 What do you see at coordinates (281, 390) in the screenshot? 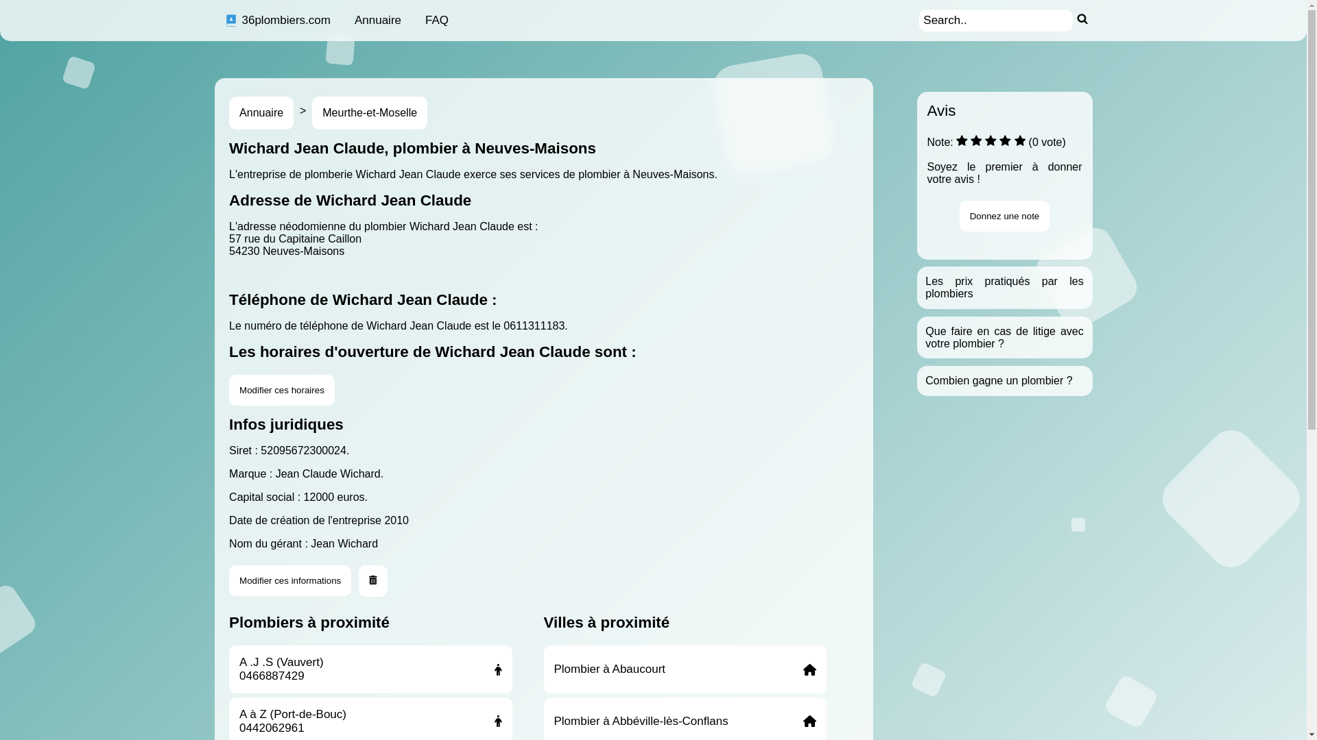
I see `'Modifier ces horaires'` at bounding box center [281, 390].